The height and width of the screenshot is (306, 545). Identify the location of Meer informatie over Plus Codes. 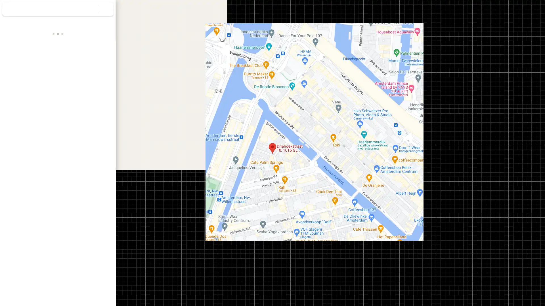
(109, 144).